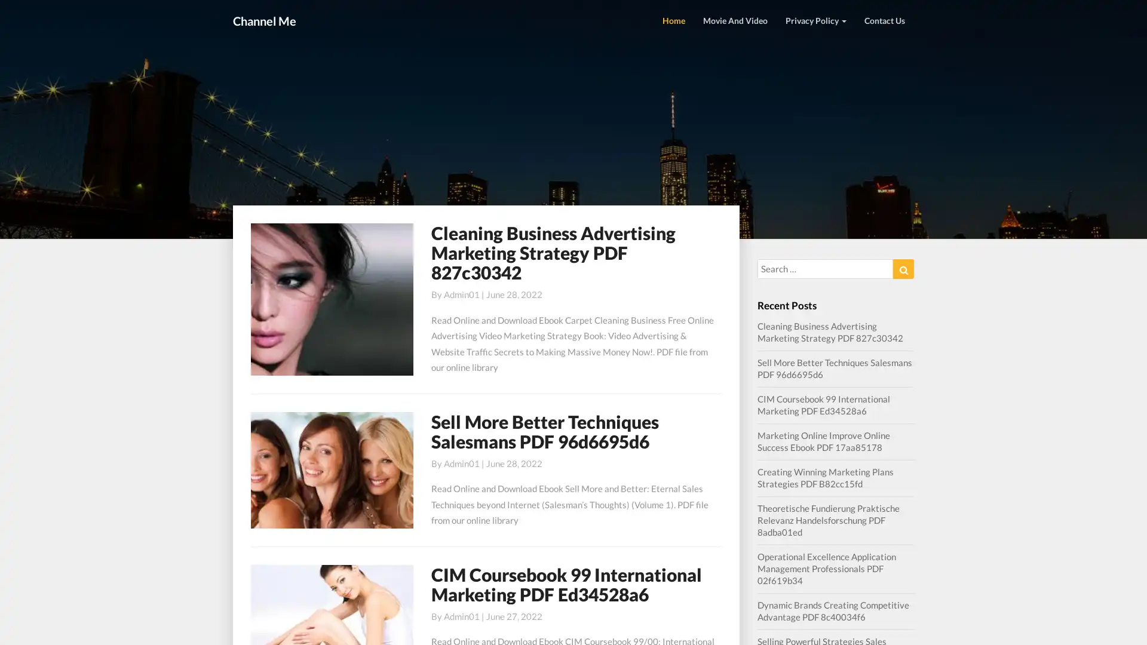 Image resolution: width=1147 pixels, height=645 pixels. What do you see at coordinates (903, 269) in the screenshot?
I see `Search` at bounding box center [903, 269].